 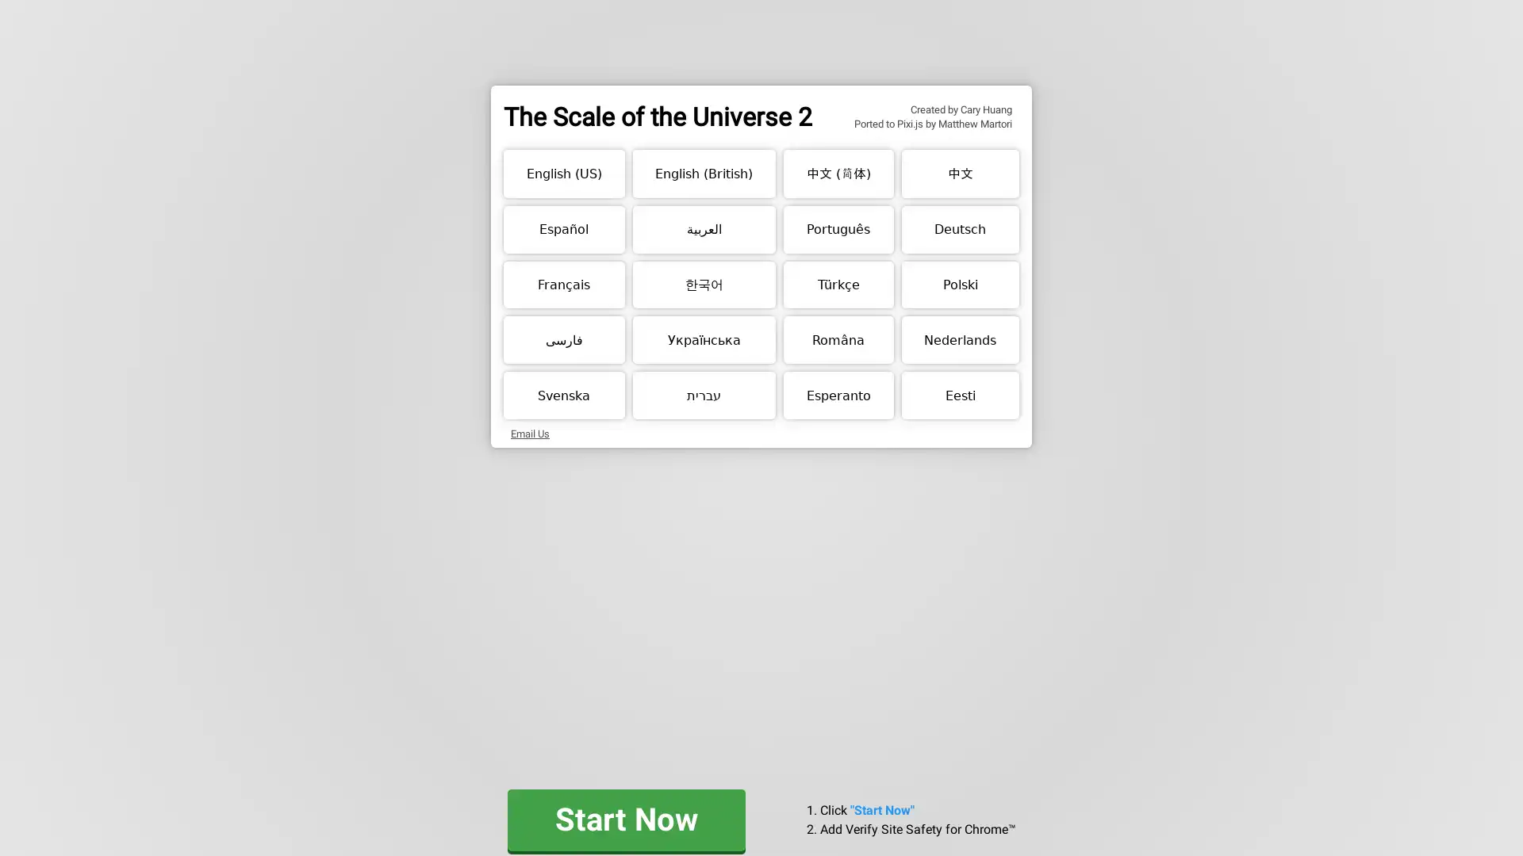 What do you see at coordinates (563, 174) in the screenshot?
I see `English (US)` at bounding box center [563, 174].